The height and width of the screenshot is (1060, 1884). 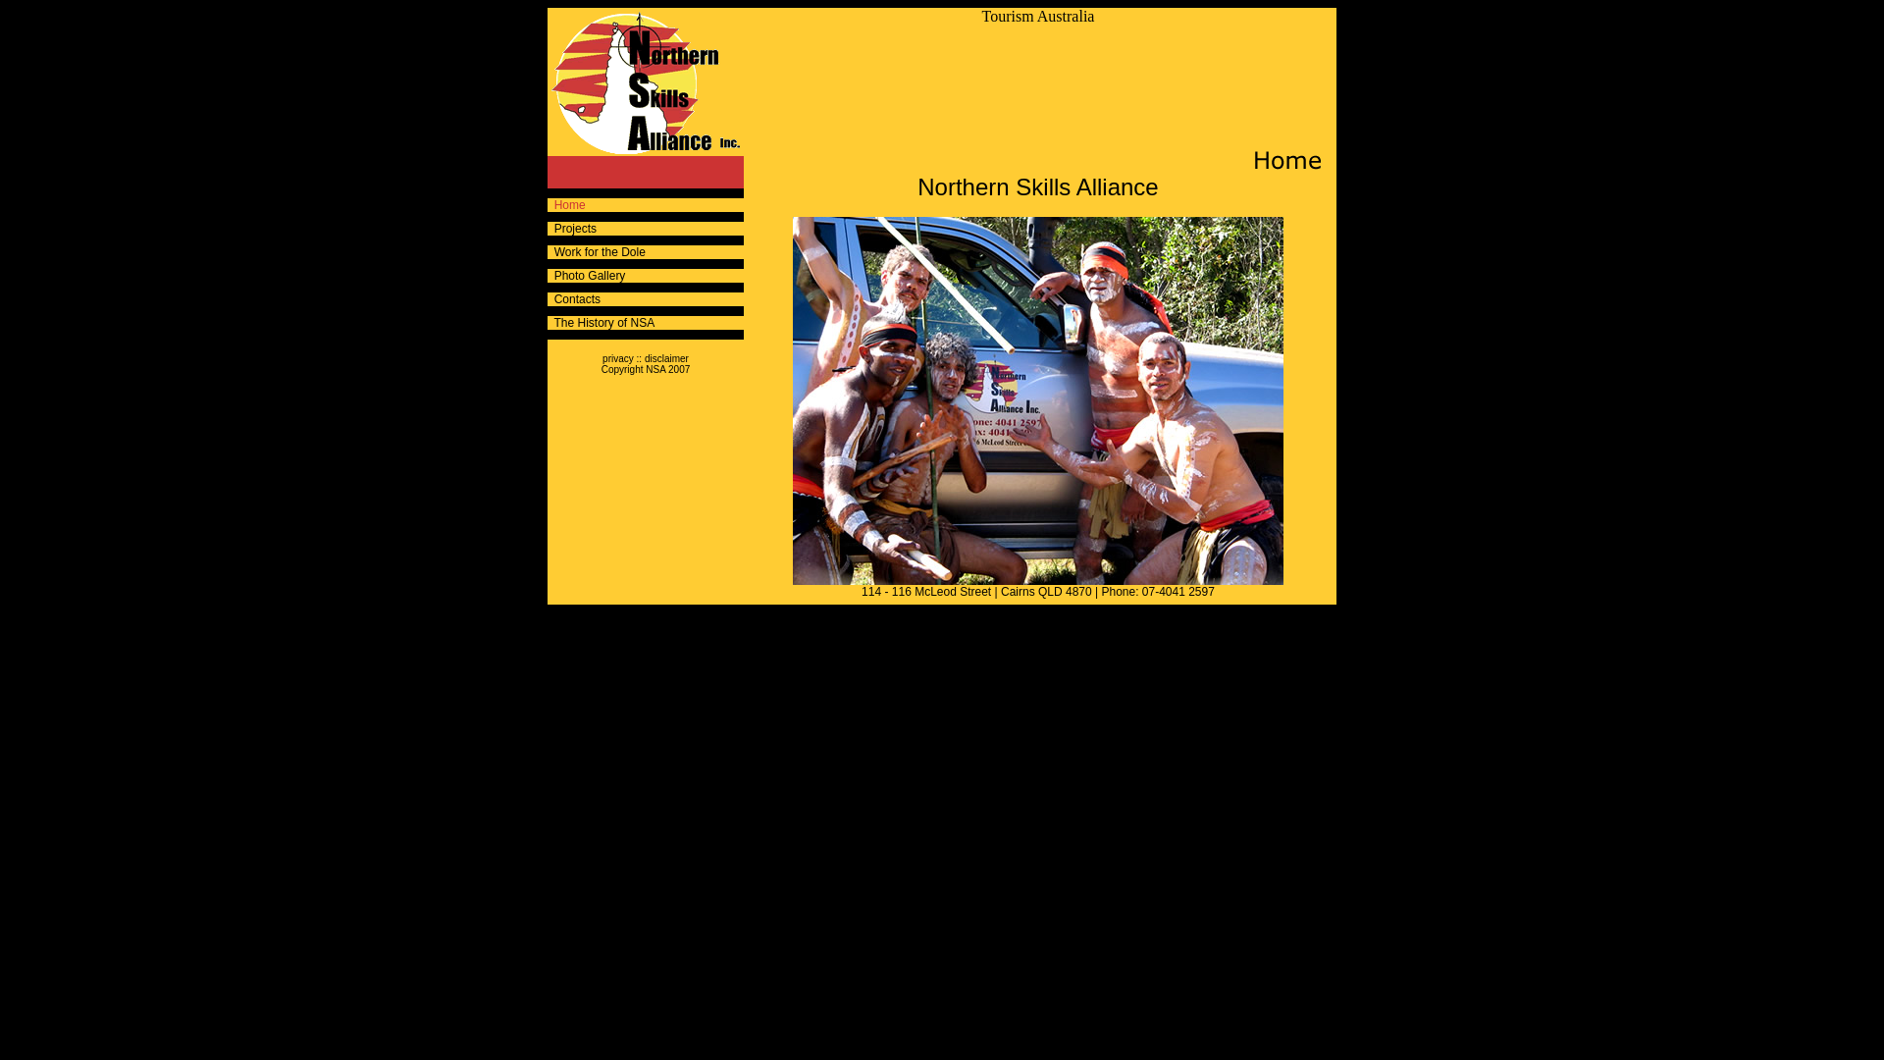 I want to click on '  Projects', so click(x=547, y=226).